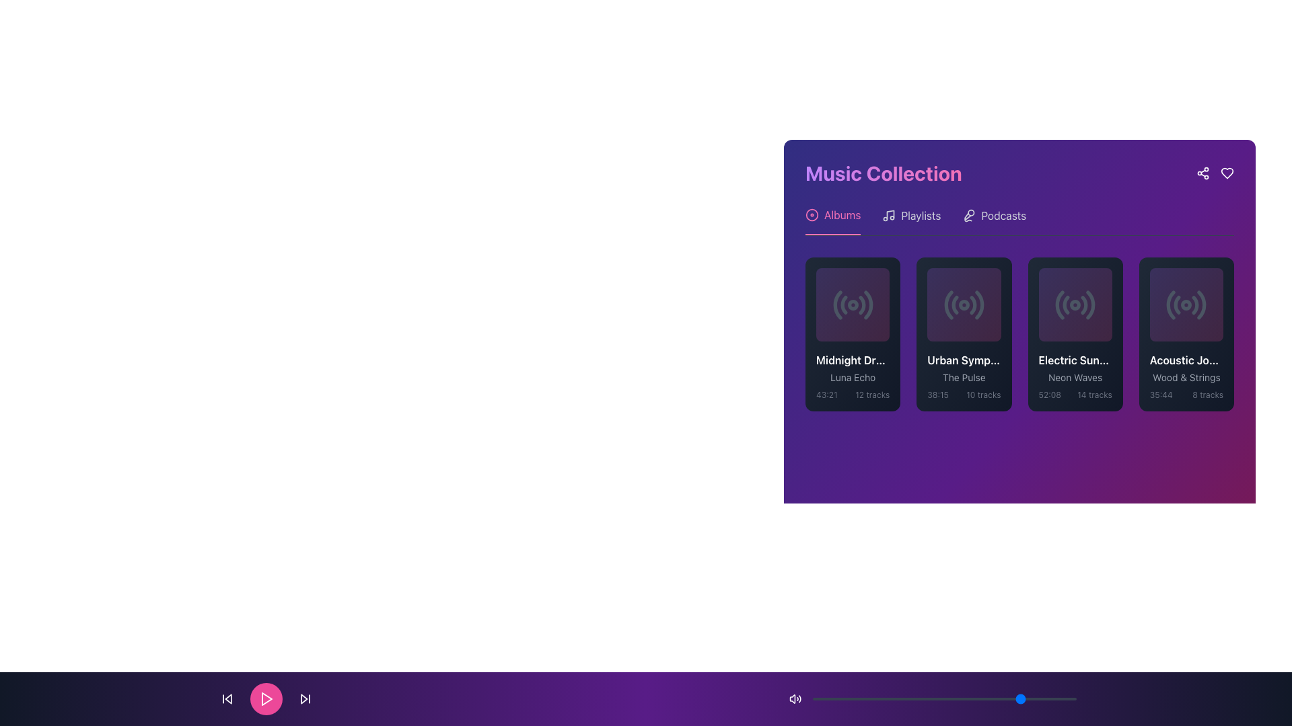 The image size is (1292, 726). I want to click on the text label displaying '10 tracks' located at the bottom-right corner of the card for 'Urban Symphony - The Pulse', so click(983, 395).